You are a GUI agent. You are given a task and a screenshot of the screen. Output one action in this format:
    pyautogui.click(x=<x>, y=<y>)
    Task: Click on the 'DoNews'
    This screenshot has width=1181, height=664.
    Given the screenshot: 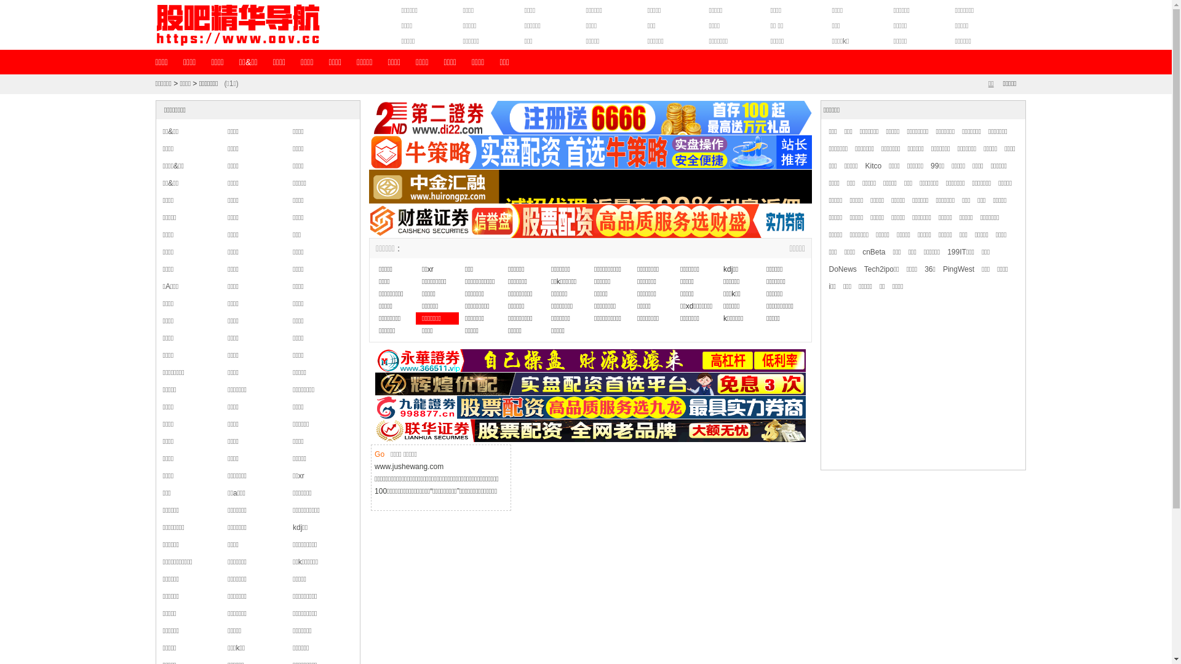 What is the action you would take?
    pyautogui.click(x=841, y=269)
    